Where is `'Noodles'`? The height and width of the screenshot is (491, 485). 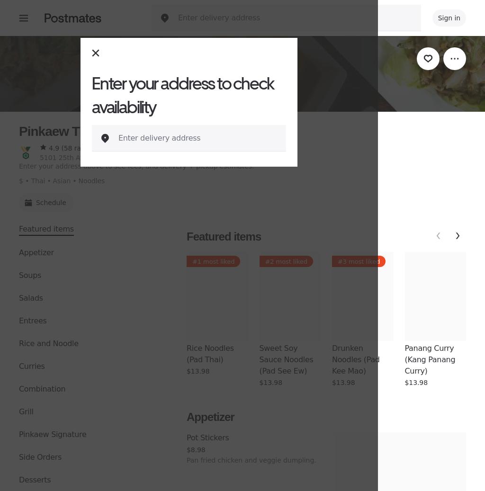 'Noodles' is located at coordinates (77, 180).